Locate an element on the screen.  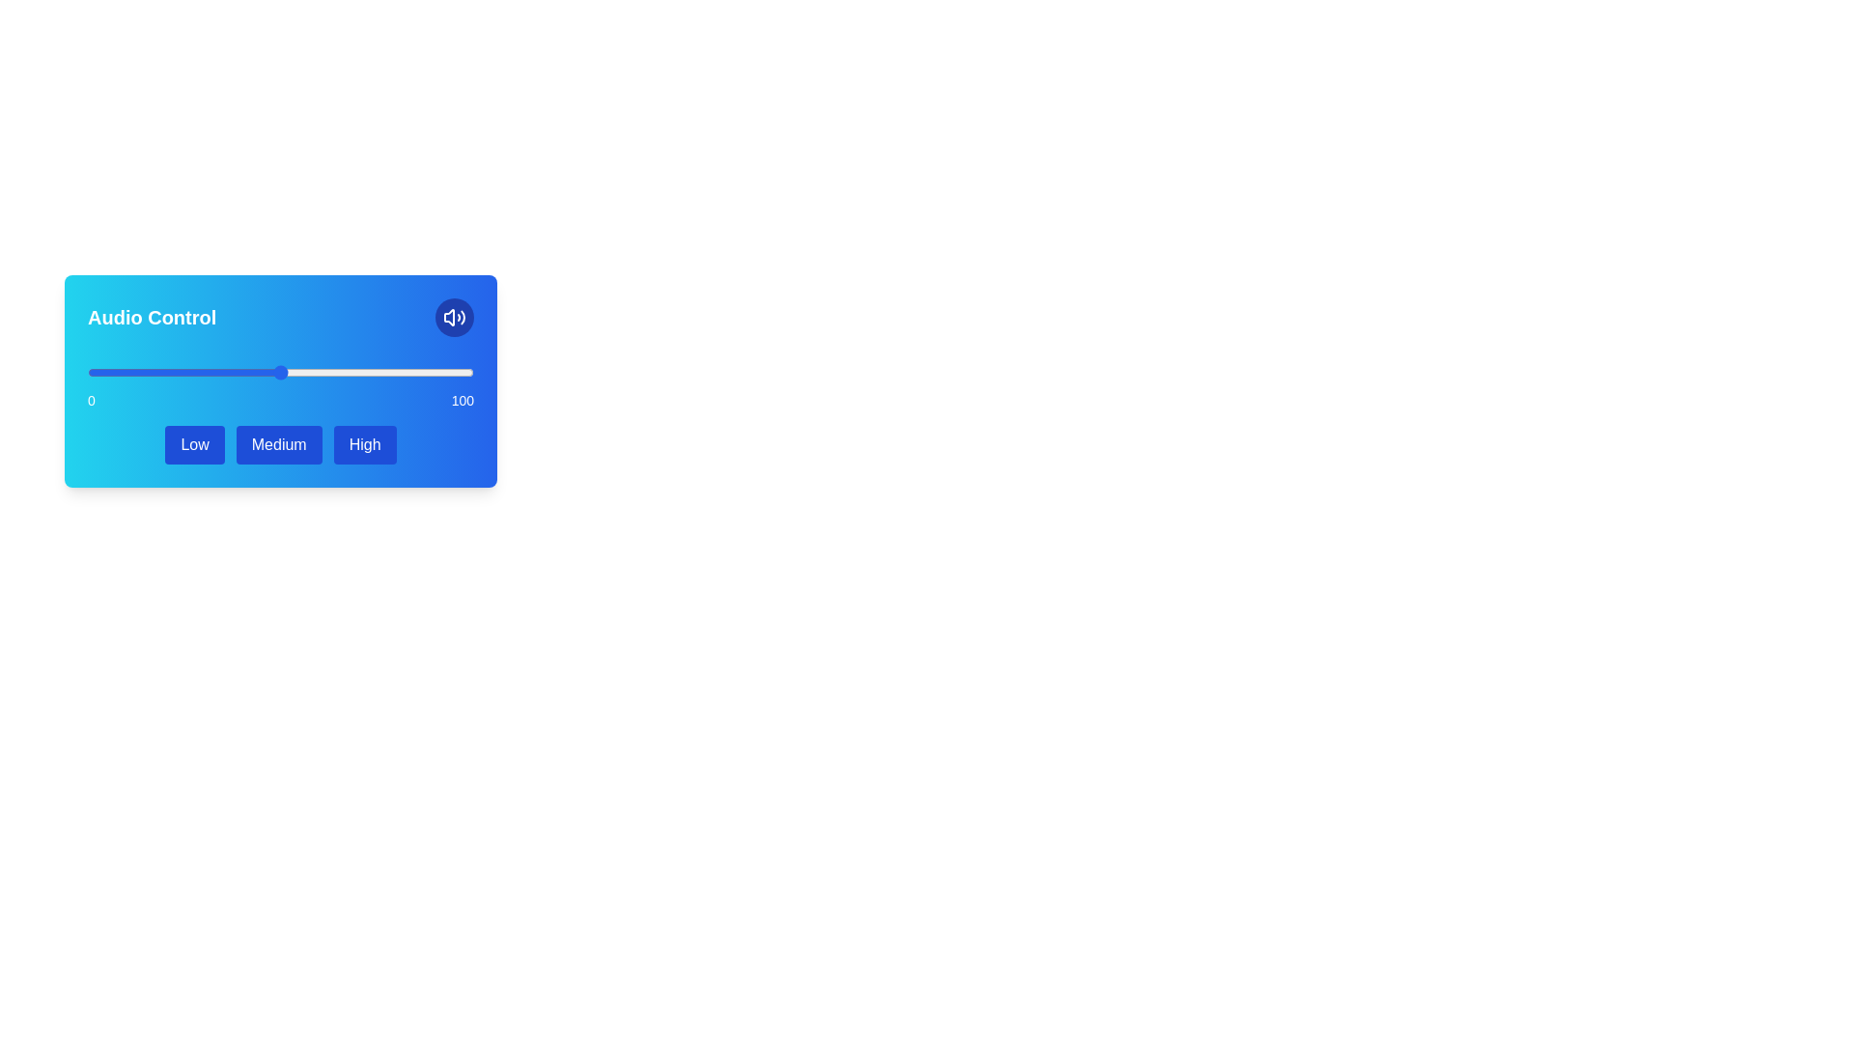
the slider value is located at coordinates (347, 372).